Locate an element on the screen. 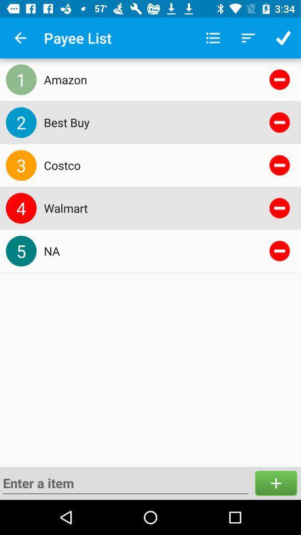 The image size is (301, 535). the add icon is located at coordinates (275, 483).